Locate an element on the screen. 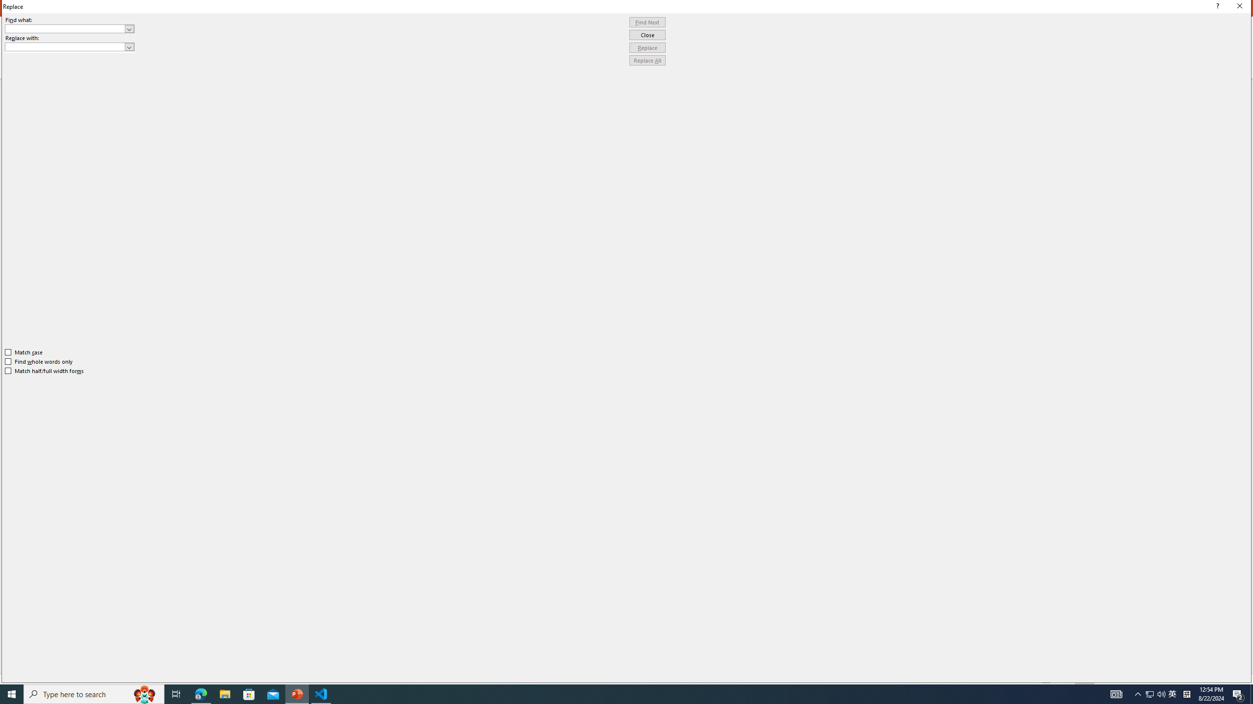 This screenshot has width=1253, height=704. 'Find what' is located at coordinates (70, 28).